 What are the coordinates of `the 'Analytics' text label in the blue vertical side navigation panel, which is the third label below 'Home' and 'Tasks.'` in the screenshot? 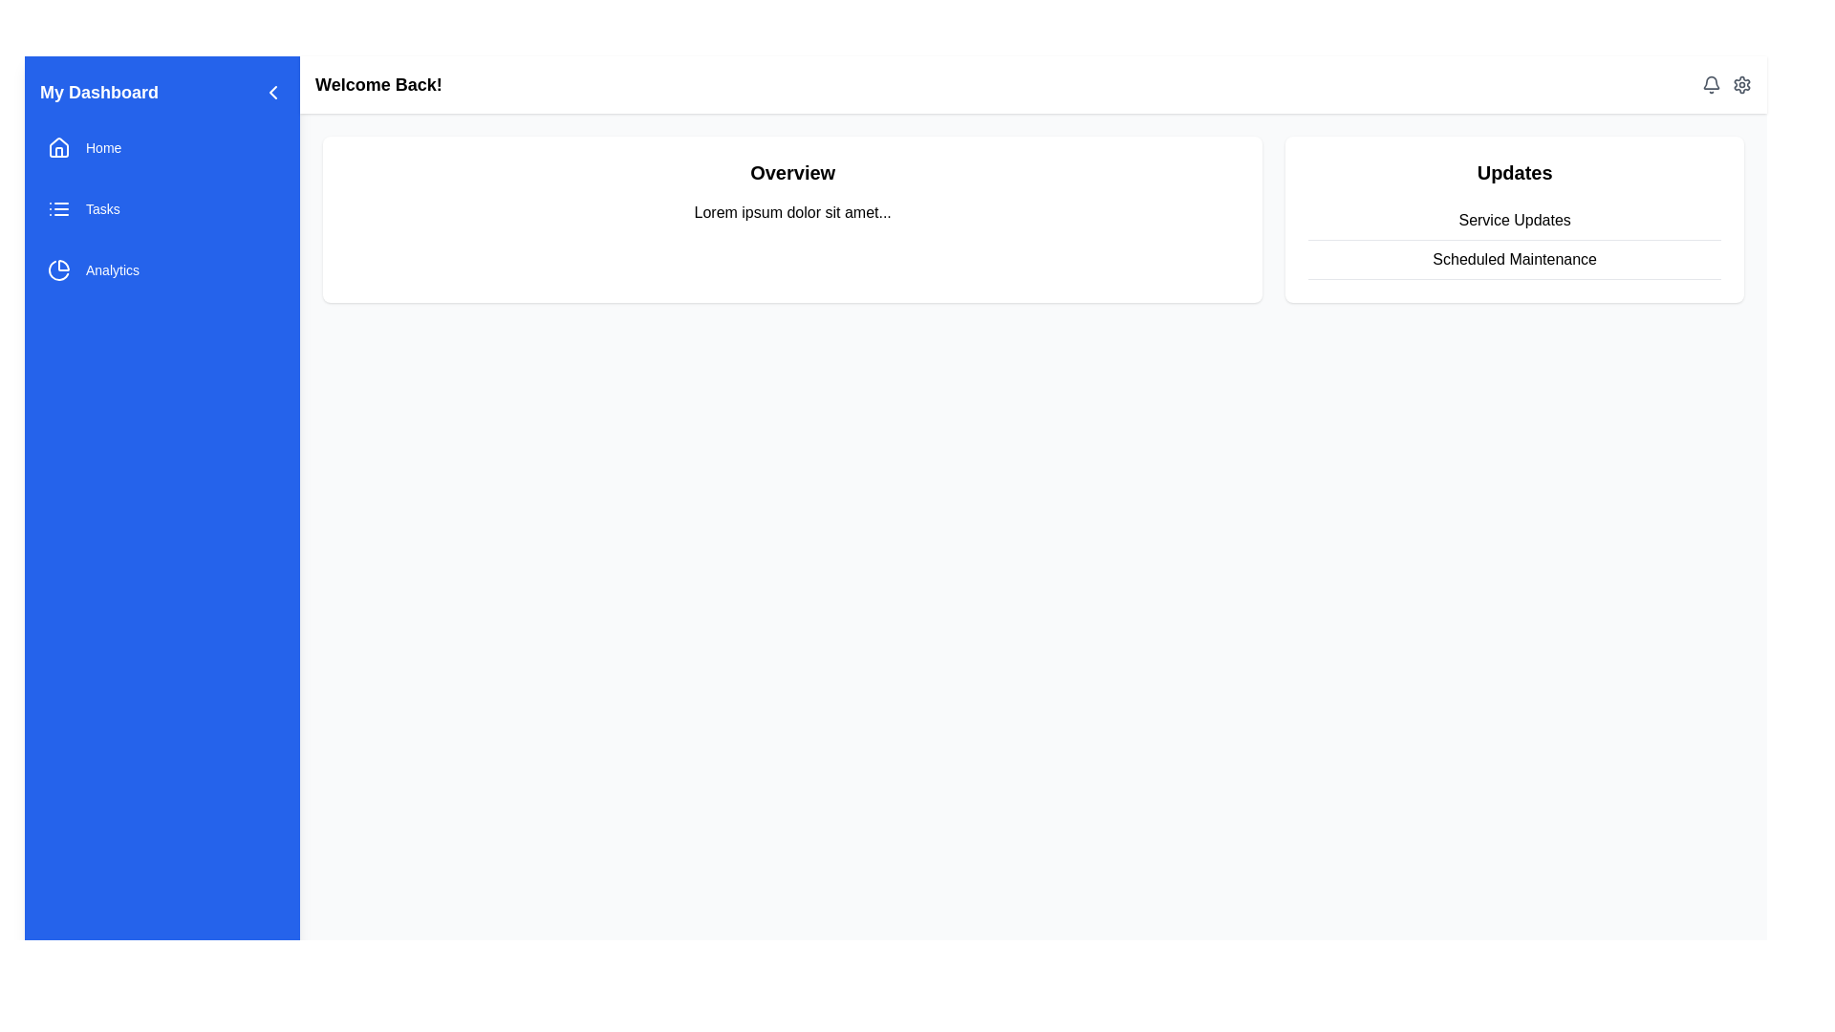 It's located at (112, 269).